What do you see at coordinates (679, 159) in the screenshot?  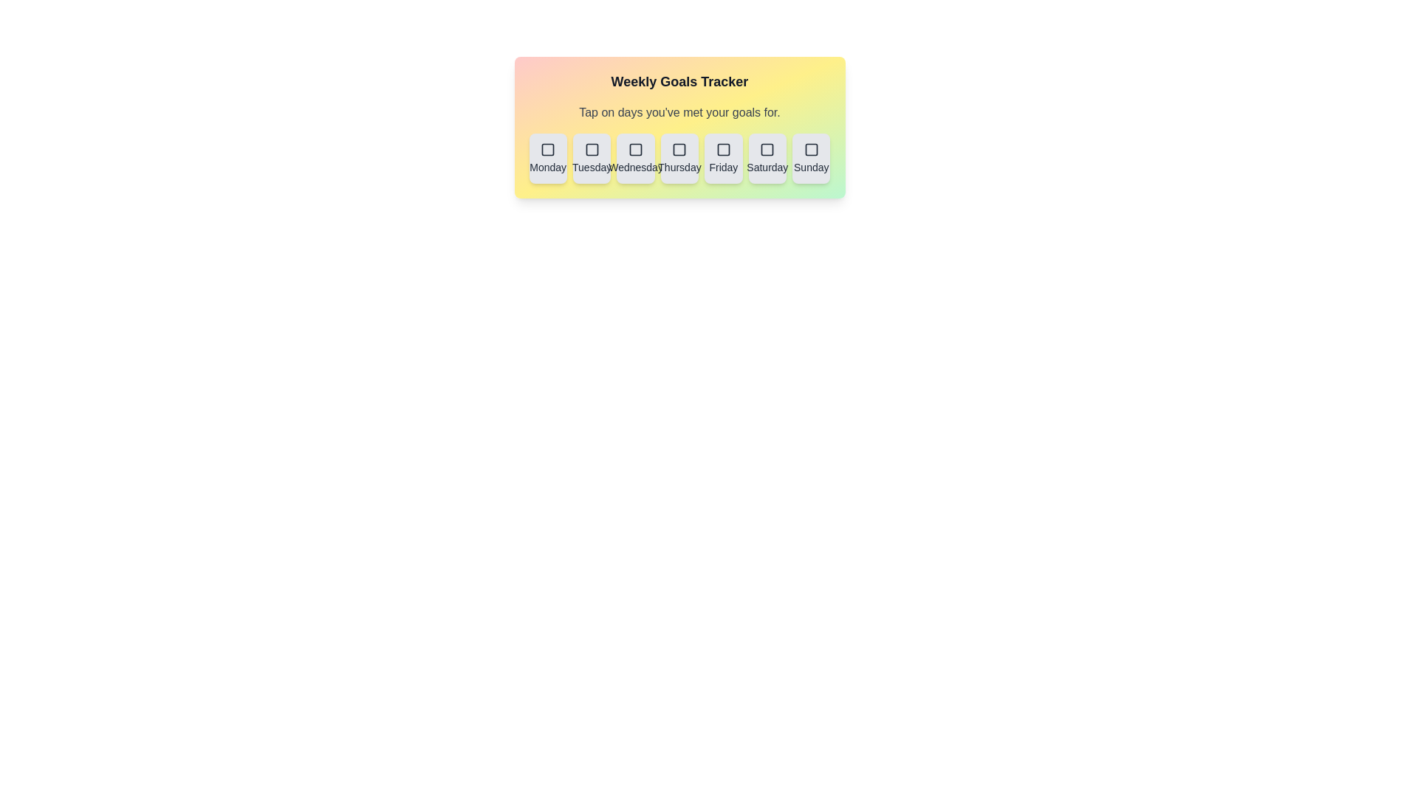 I see `the button labeled Thursday` at bounding box center [679, 159].